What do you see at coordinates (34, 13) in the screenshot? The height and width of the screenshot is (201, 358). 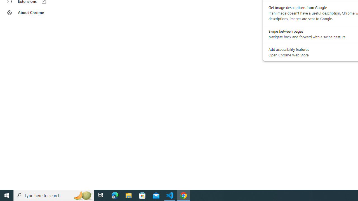 I see `'About Chrome'` at bounding box center [34, 13].